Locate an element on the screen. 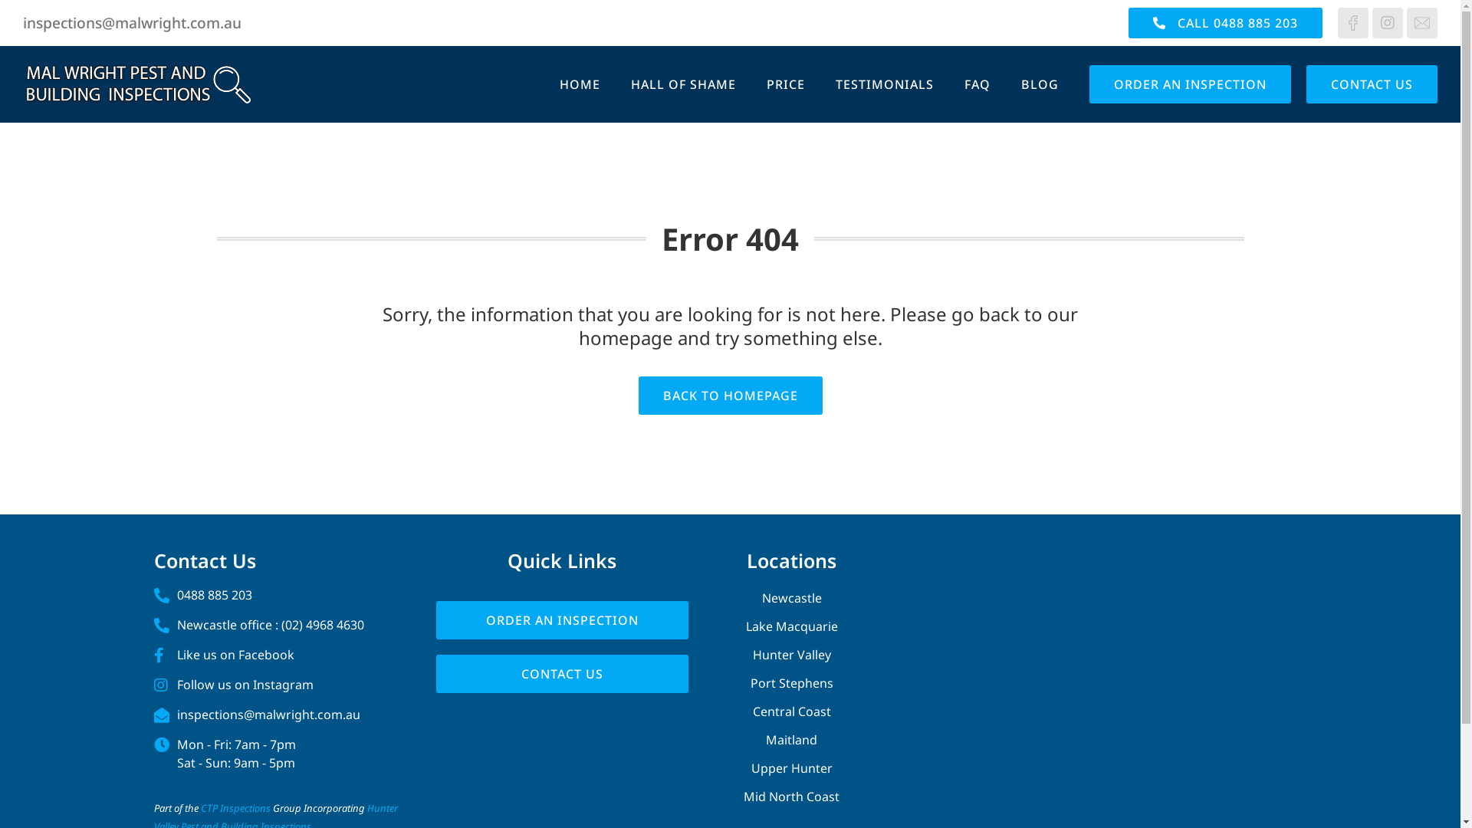 The width and height of the screenshot is (1472, 828). 'Mon - Fri: 7am - 7pm is located at coordinates (279, 753).